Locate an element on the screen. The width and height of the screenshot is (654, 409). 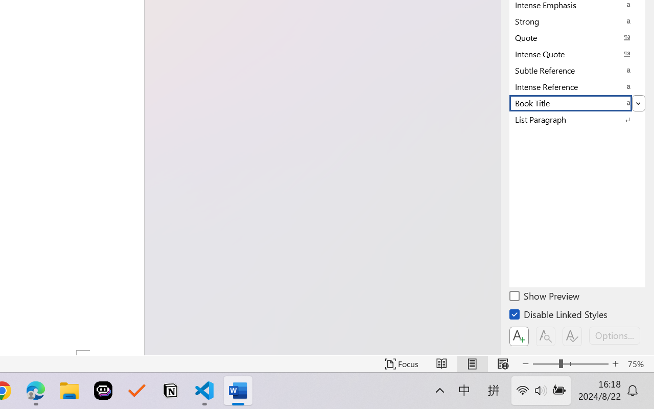
'Quote' is located at coordinates (577, 37).